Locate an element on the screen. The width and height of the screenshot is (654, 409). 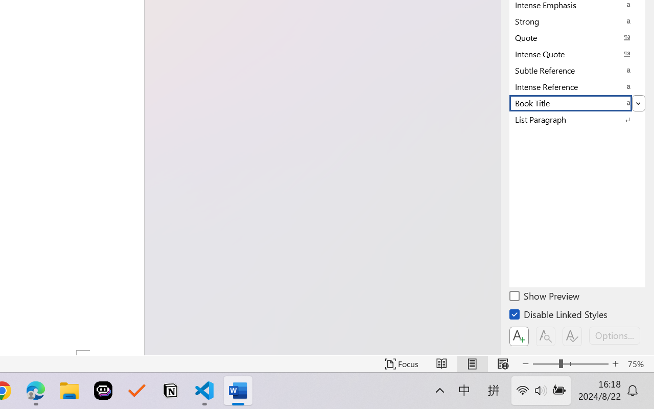
'Quote' is located at coordinates (577, 37).